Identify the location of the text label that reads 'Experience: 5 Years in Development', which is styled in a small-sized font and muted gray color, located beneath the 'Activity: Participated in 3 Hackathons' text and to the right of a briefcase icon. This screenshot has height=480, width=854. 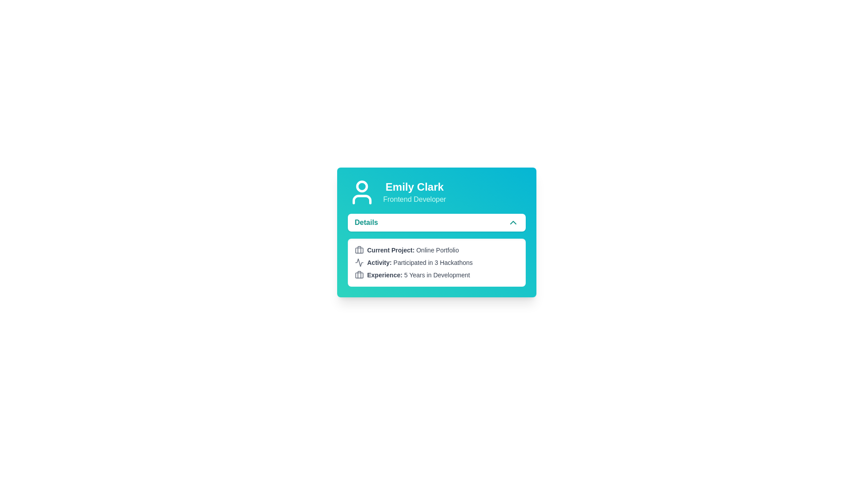
(418, 274).